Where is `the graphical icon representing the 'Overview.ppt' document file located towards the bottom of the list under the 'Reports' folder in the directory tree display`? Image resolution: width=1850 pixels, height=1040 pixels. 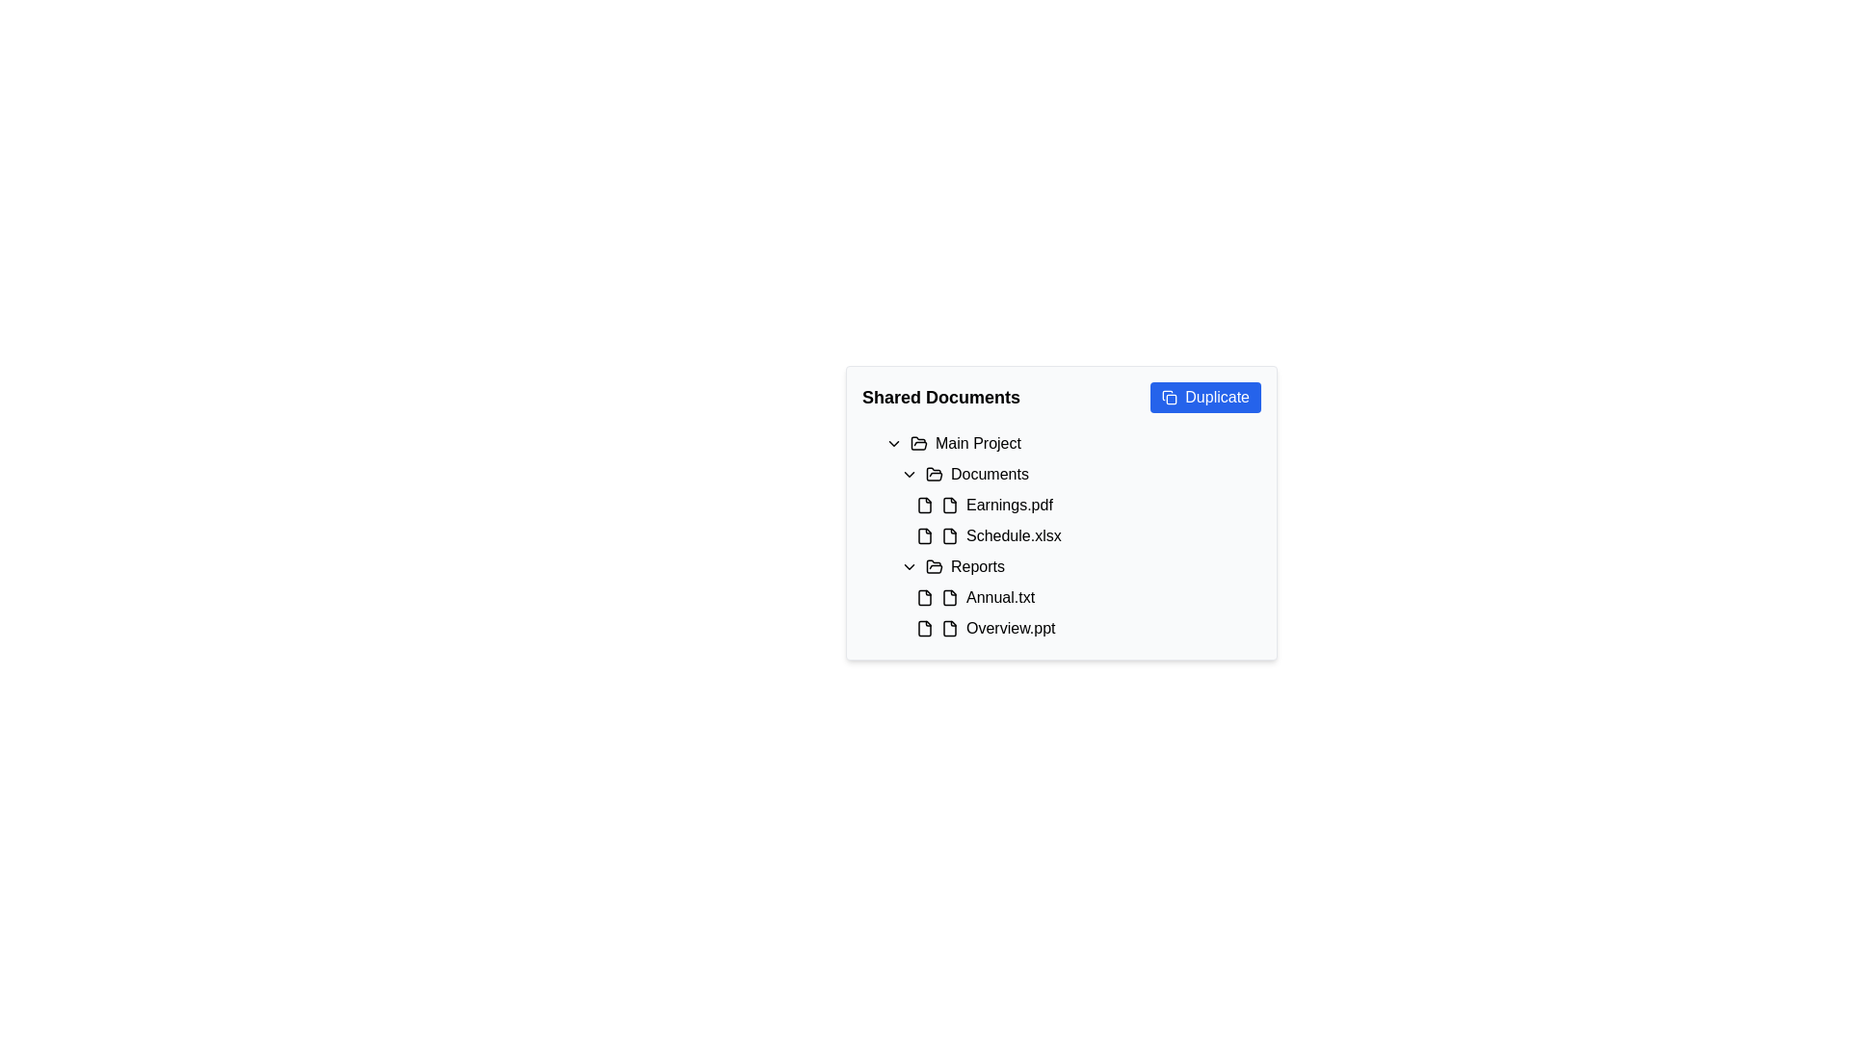 the graphical icon representing the 'Overview.ppt' document file located towards the bottom of the list under the 'Reports' folder in the directory tree display is located at coordinates (925, 628).